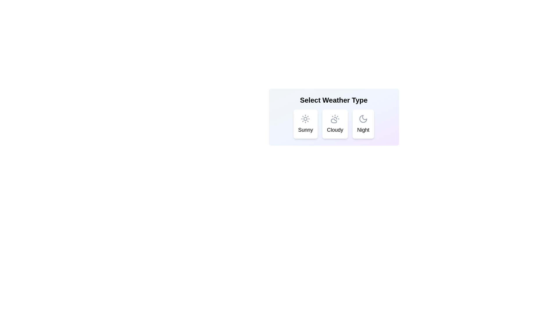 The height and width of the screenshot is (314, 558). I want to click on the weather chip labeled Cloudy to trigger visual feedback, so click(335, 124).